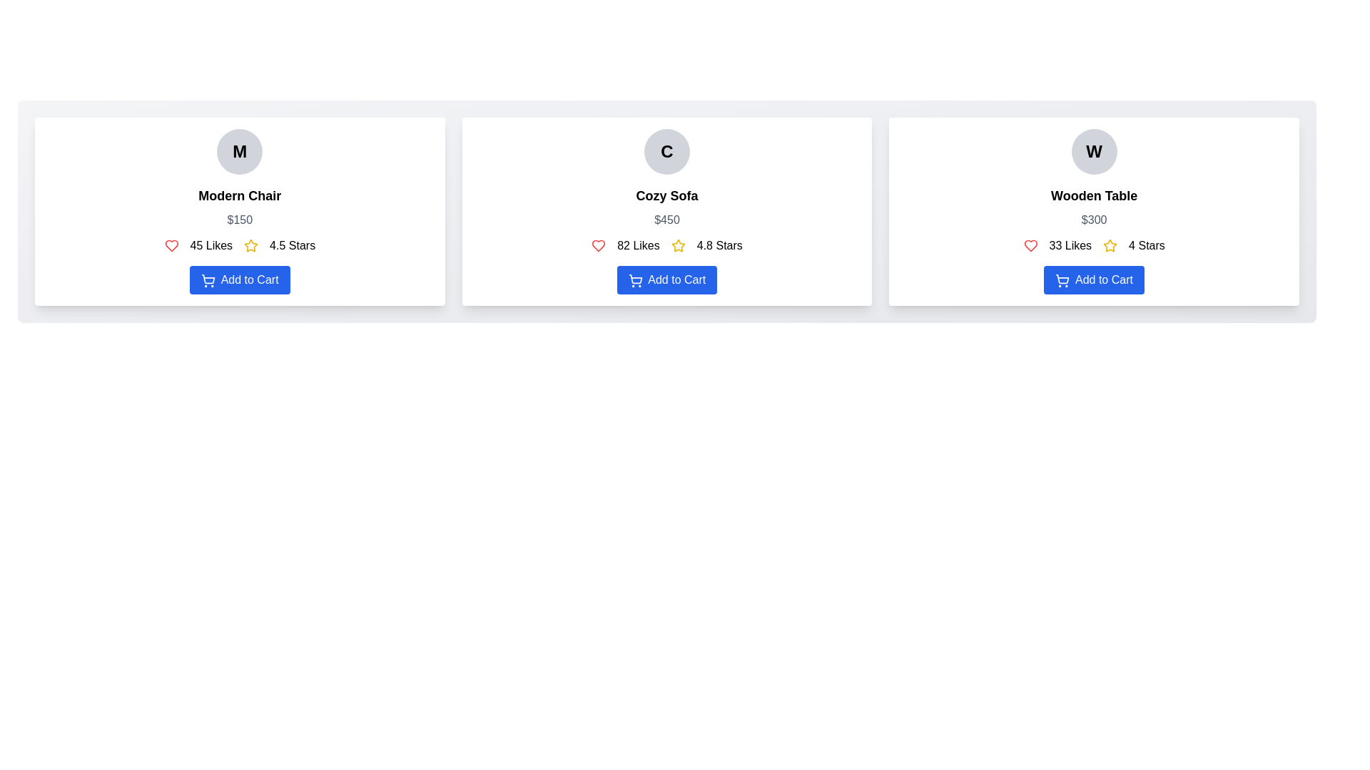 The width and height of the screenshot is (1370, 770). Describe the element at coordinates (599, 245) in the screenshot. I see `the 'Like' icon located to the left of '82 Likes' in the 'Cozy Sofa' product card` at that location.